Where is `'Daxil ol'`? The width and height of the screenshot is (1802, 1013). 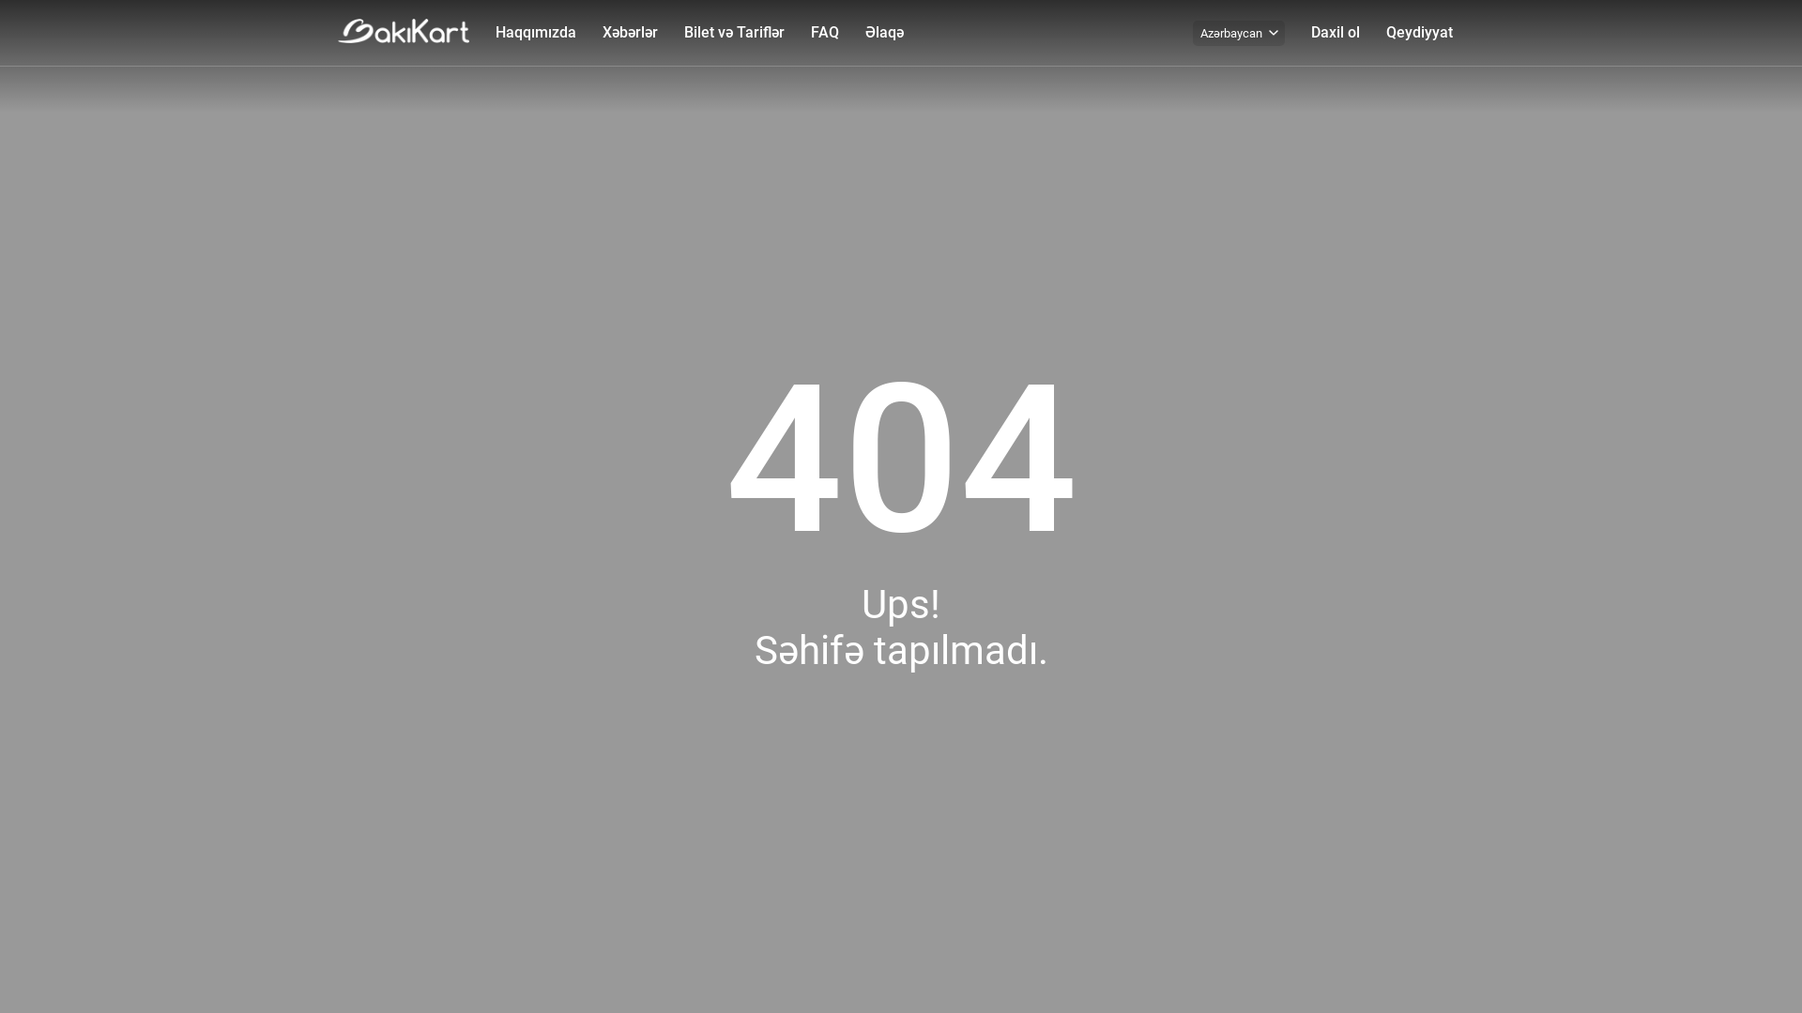
'Daxil ol' is located at coordinates (1334, 32).